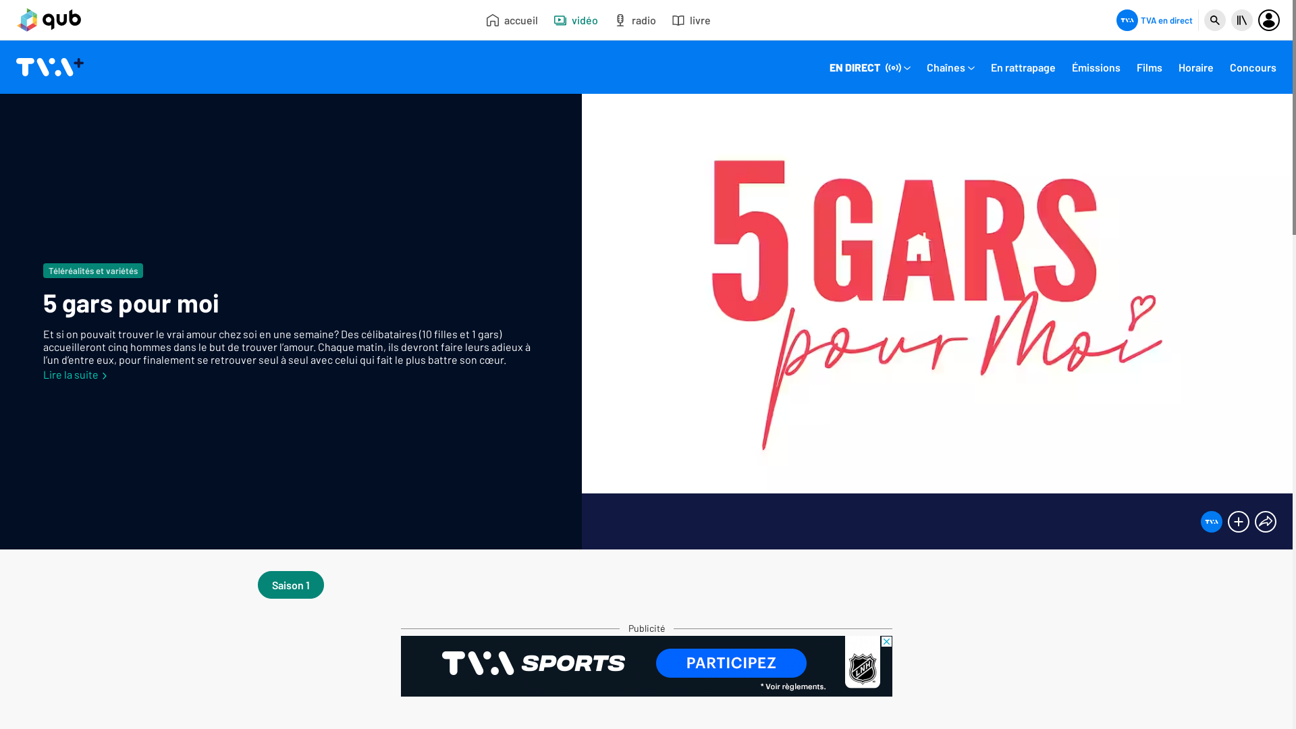  Describe the element at coordinates (74, 374) in the screenshot. I see `'Lire la suite'` at that location.